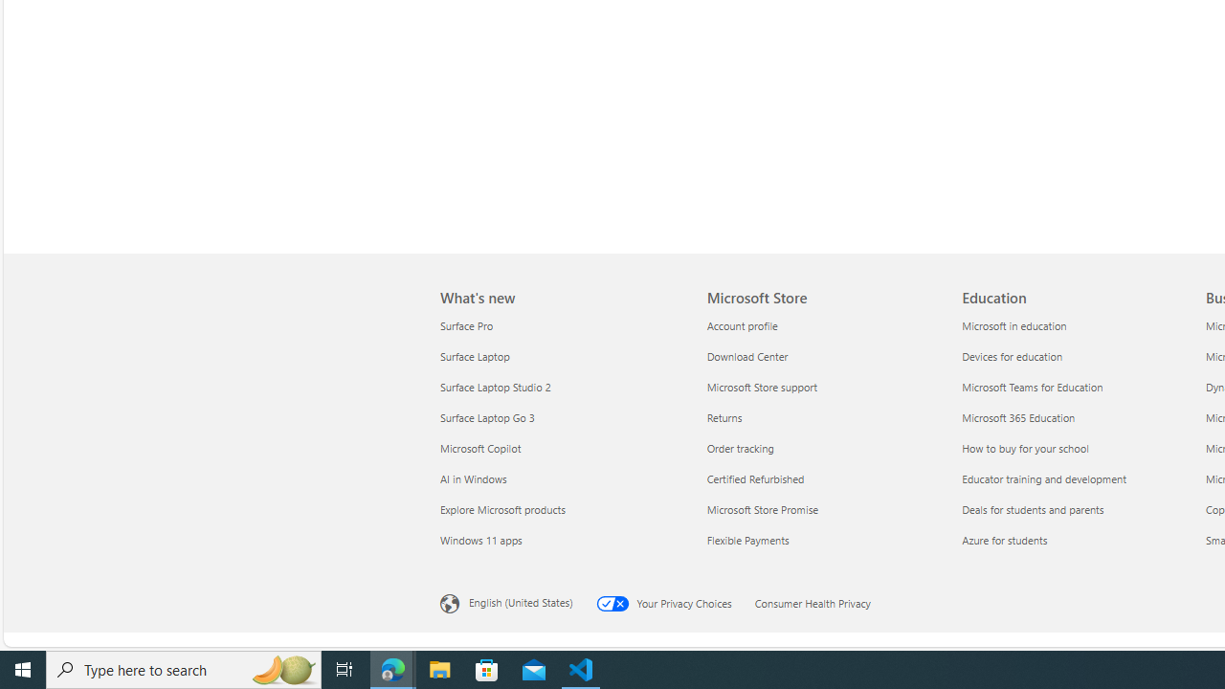  What do you see at coordinates (761, 386) in the screenshot?
I see `'Microsoft Store support Microsoft Store'` at bounding box center [761, 386].